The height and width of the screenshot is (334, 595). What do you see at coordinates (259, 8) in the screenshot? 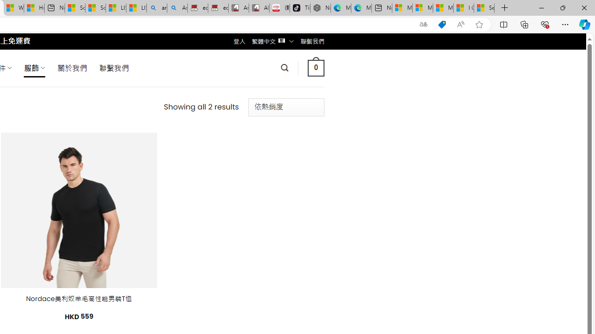
I see `'All Cubot phones'` at bounding box center [259, 8].